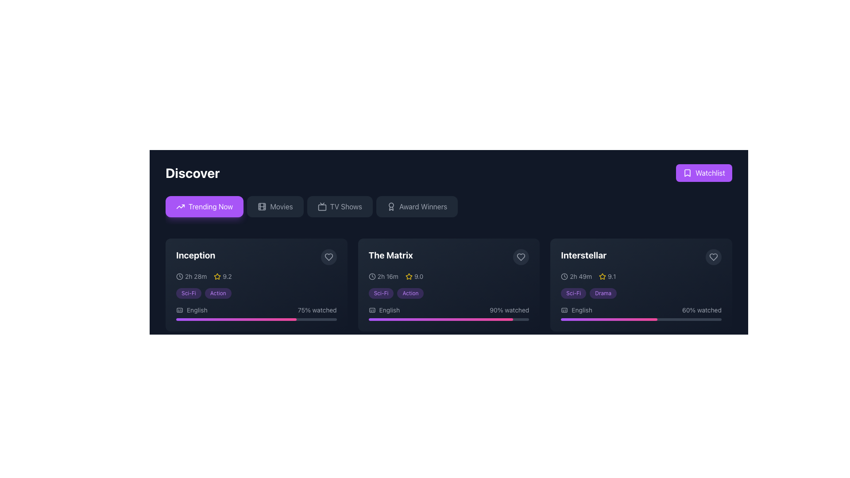 This screenshot has height=478, width=850. Describe the element at coordinates (345, 206) in the screenshot. I see `the text label within the navigational button for TV shows, which is the third button from the left in the navigation bar` at that location.